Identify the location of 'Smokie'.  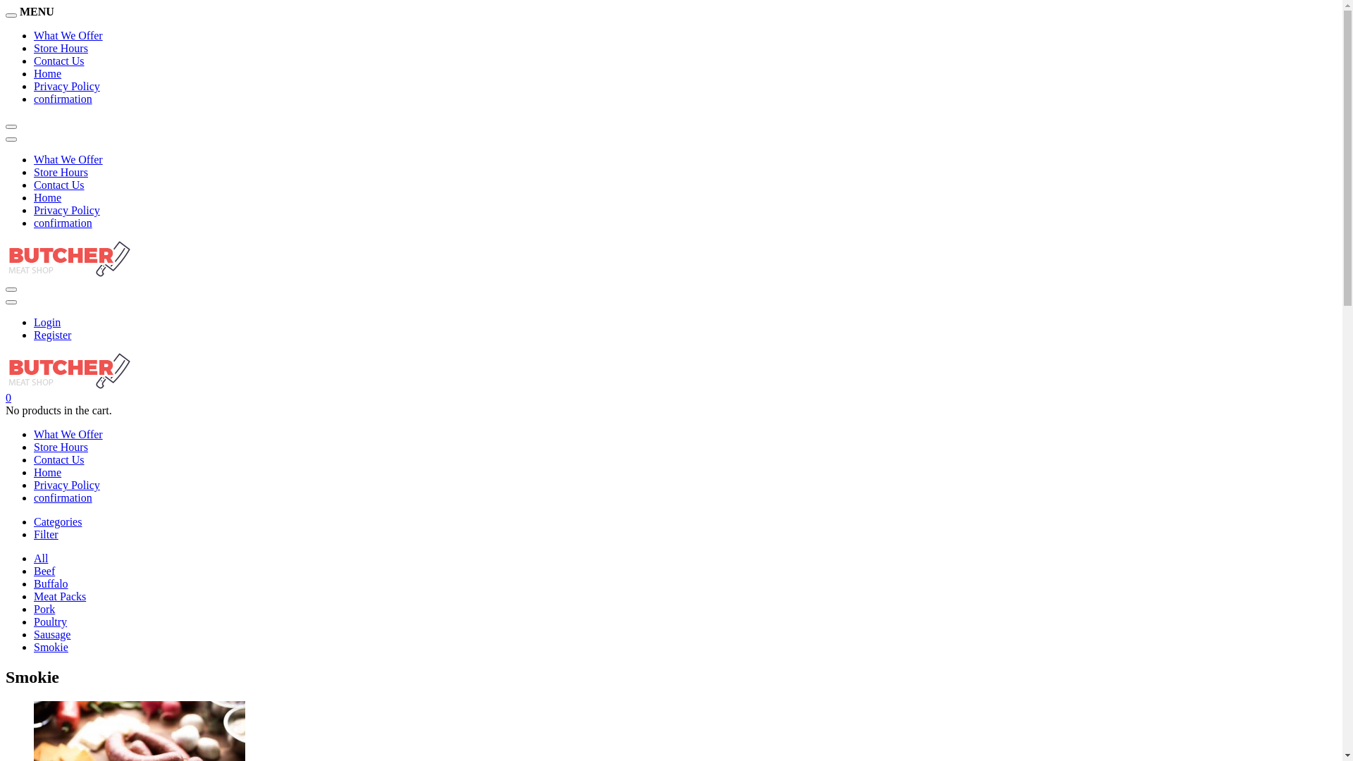
(51, 647).